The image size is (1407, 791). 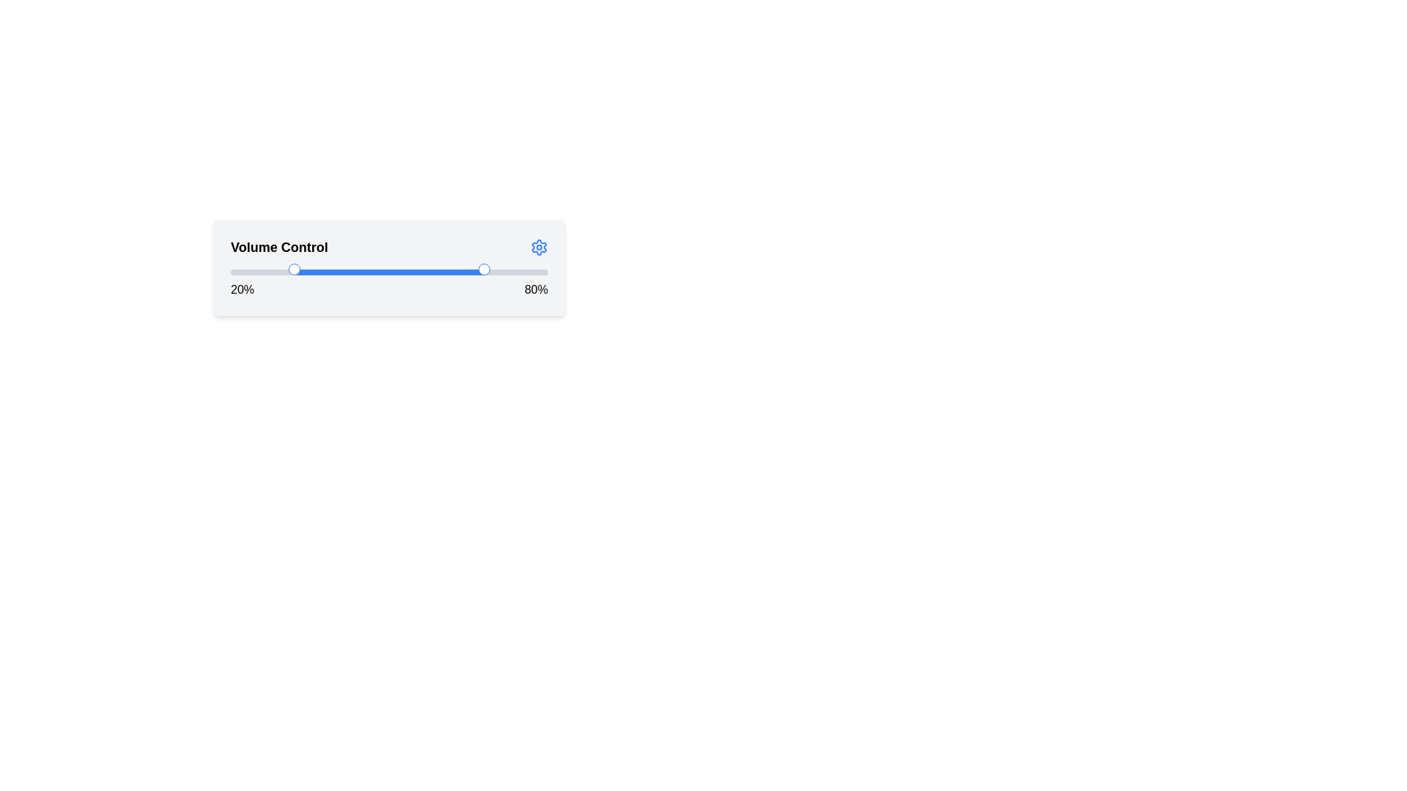 What do you see at coordinates (535, 290) in the screenshot?
I see `the static text label displaying '80%' in bold black font, which is positioned on the far right side below the volume control slider` at bounding box center [535, 290].